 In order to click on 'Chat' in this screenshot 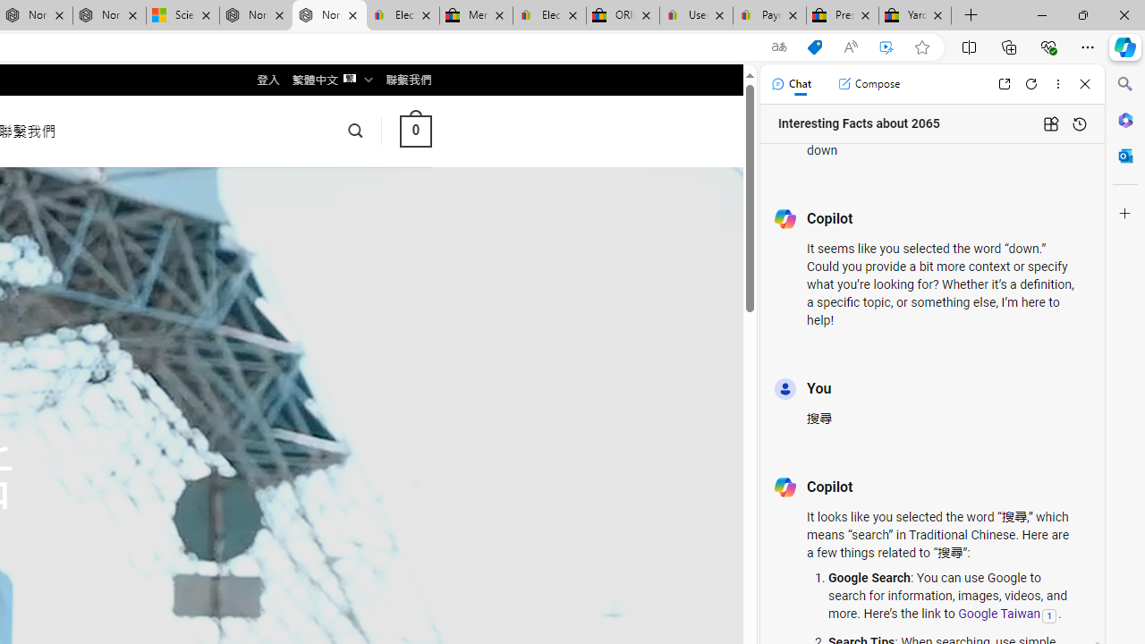, I will do `click(790, 83)`.